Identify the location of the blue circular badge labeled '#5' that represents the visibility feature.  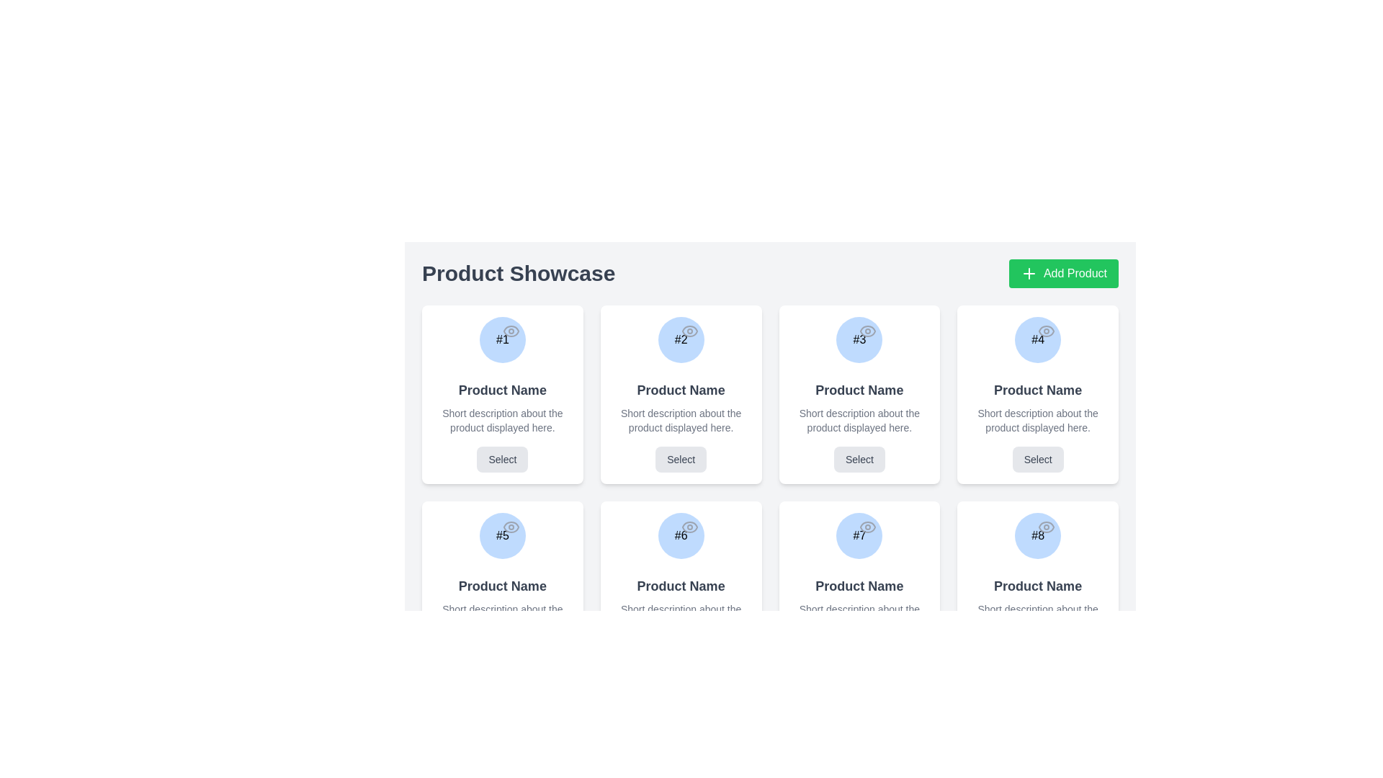
(511, 527).